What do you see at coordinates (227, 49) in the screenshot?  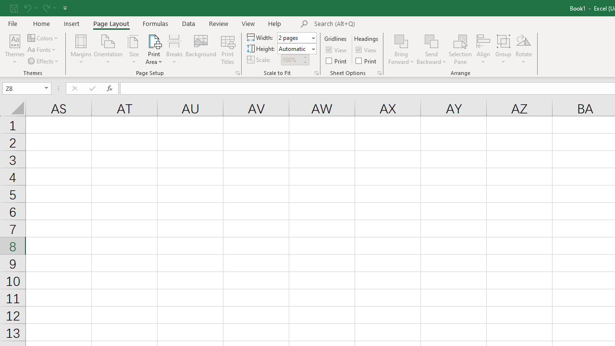 I see `'Print Titles'` at bounding box center [227, 49].